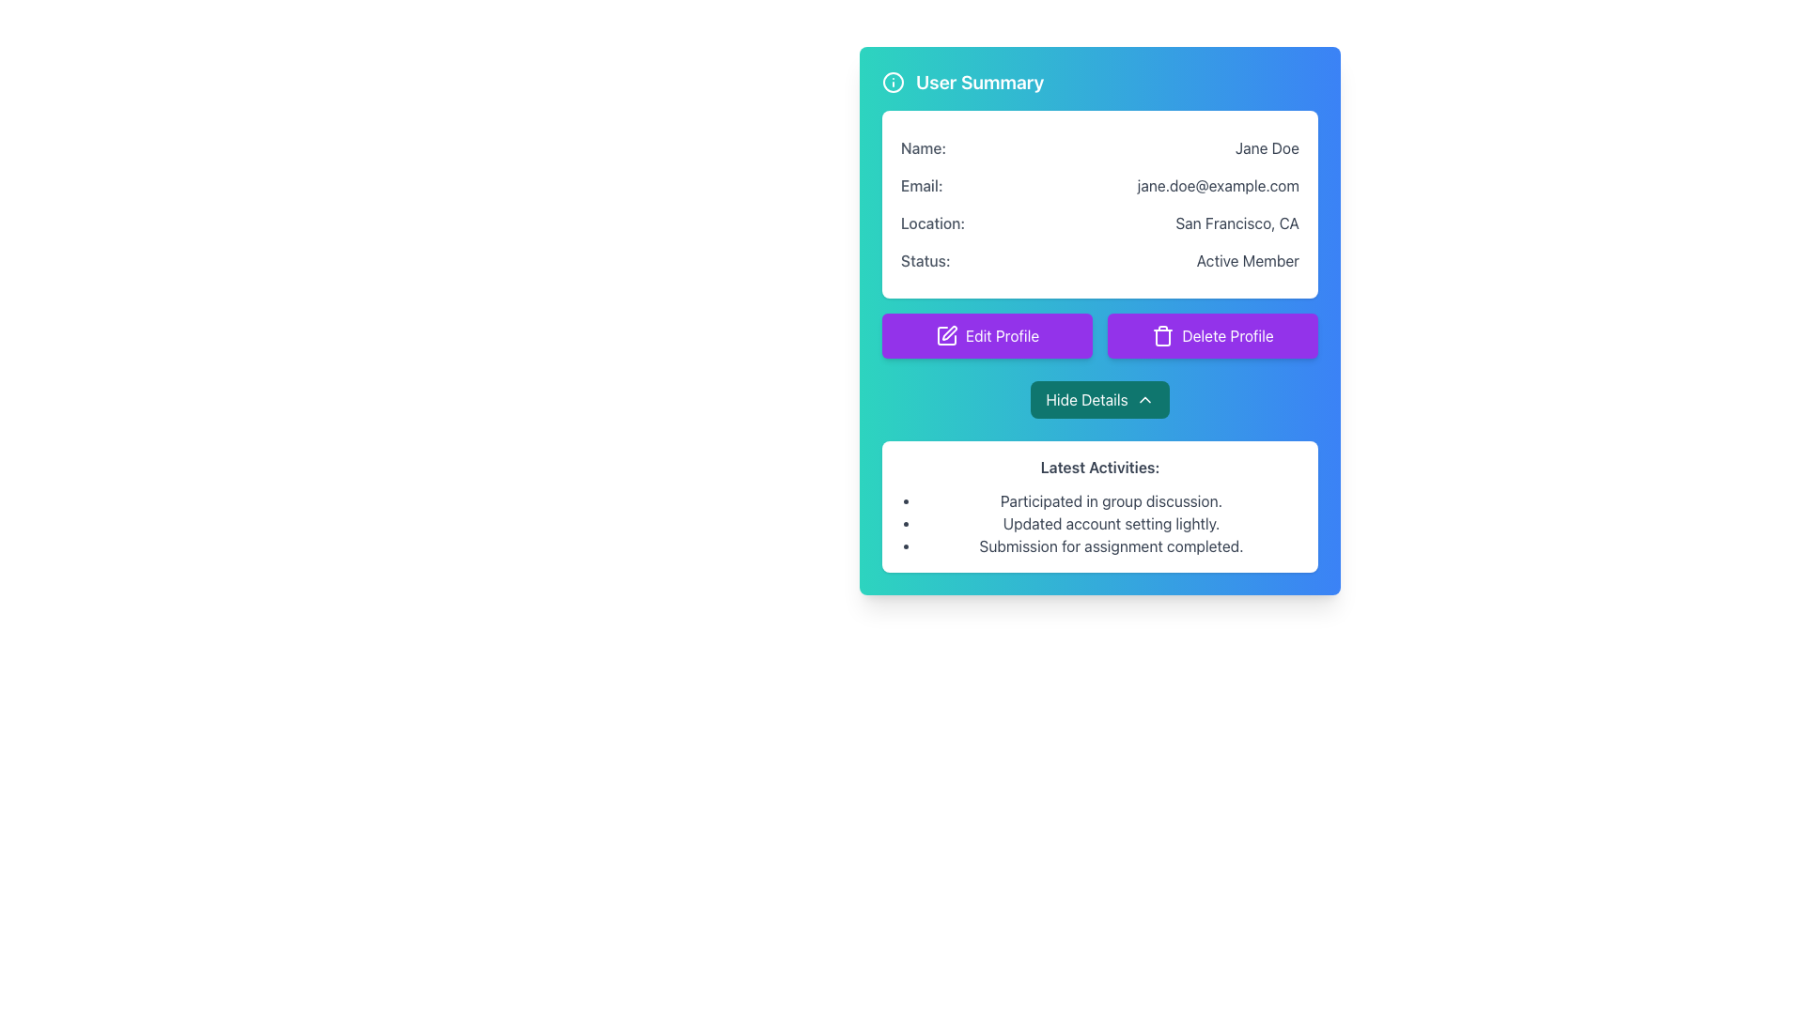 The image size is (1804, 1014). I want to click on the static text element that represents the email address of the displayed user, located to the right of the 'Email:' label in the user profile summary panel, so click(1218, 185).